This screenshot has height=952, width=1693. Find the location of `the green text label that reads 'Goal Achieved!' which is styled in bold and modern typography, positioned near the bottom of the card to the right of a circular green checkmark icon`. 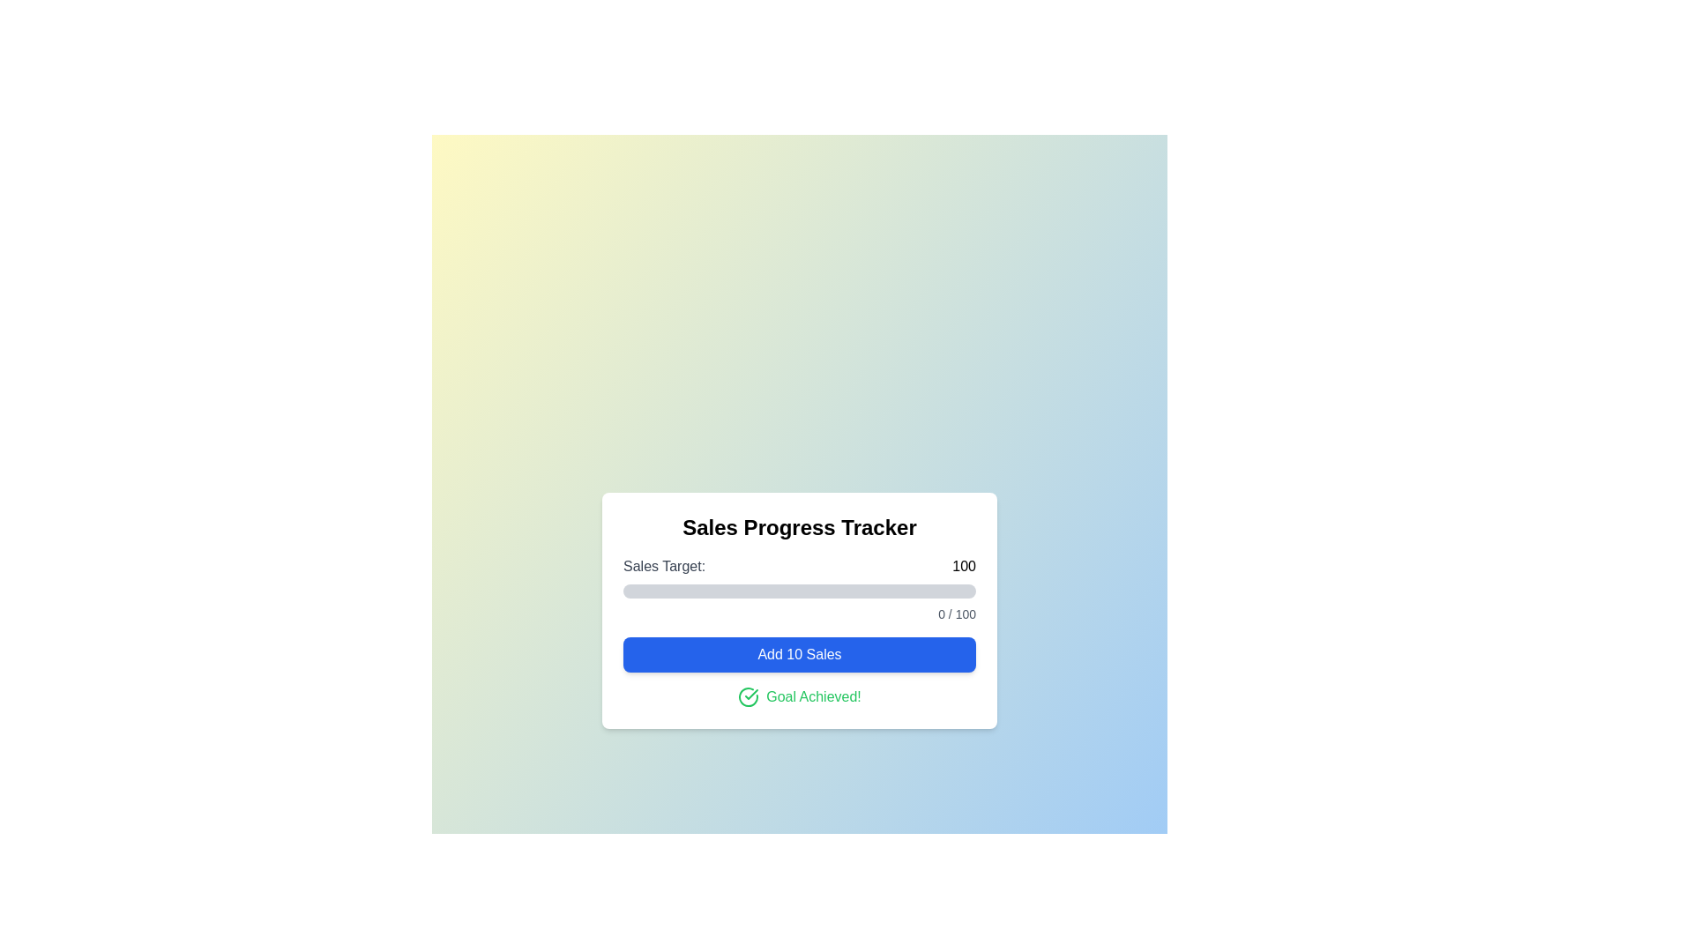

the green text label that reads 'Goal Achieved!' which is styled in bold and modern typography, positioned near the bottom of the card to the right of a circular green checkmark icon is located at coordinates (812, 695).